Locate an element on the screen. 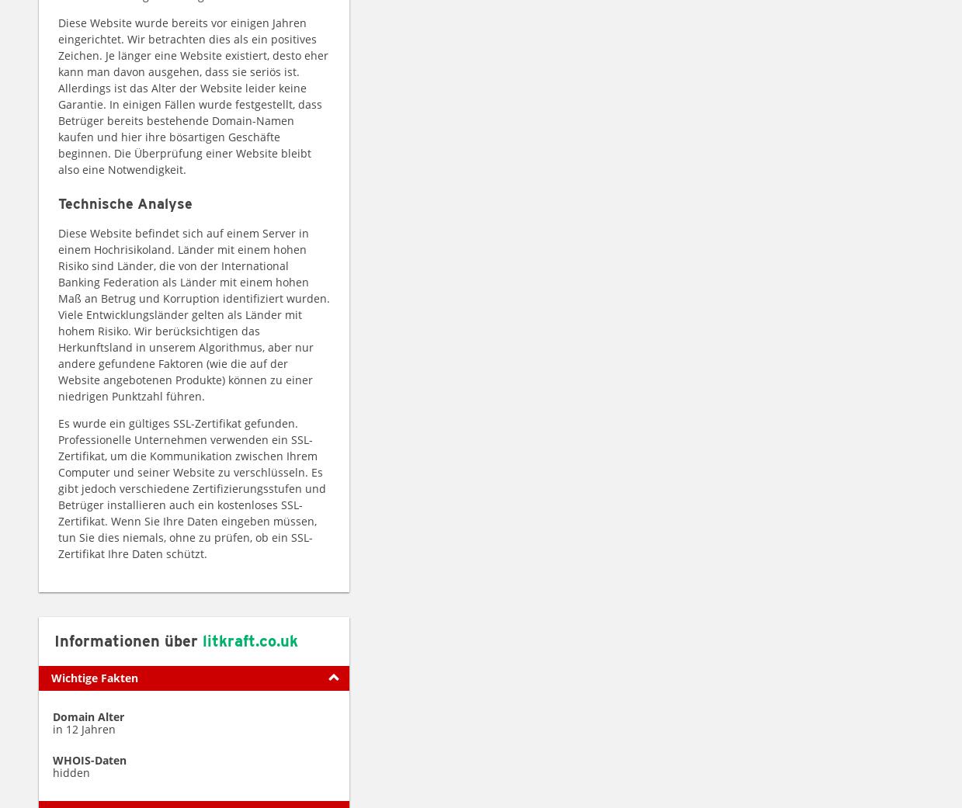  'Technische Analyse' is located at coordinates (57, 202).